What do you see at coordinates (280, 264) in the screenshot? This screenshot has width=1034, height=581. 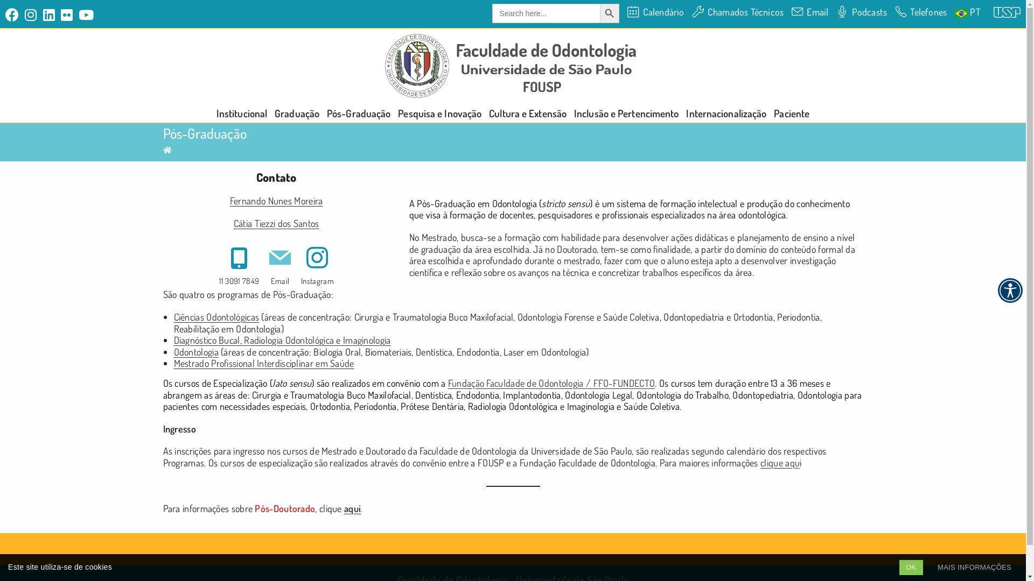 I see `'Email'` at bounding box center [280, 264].